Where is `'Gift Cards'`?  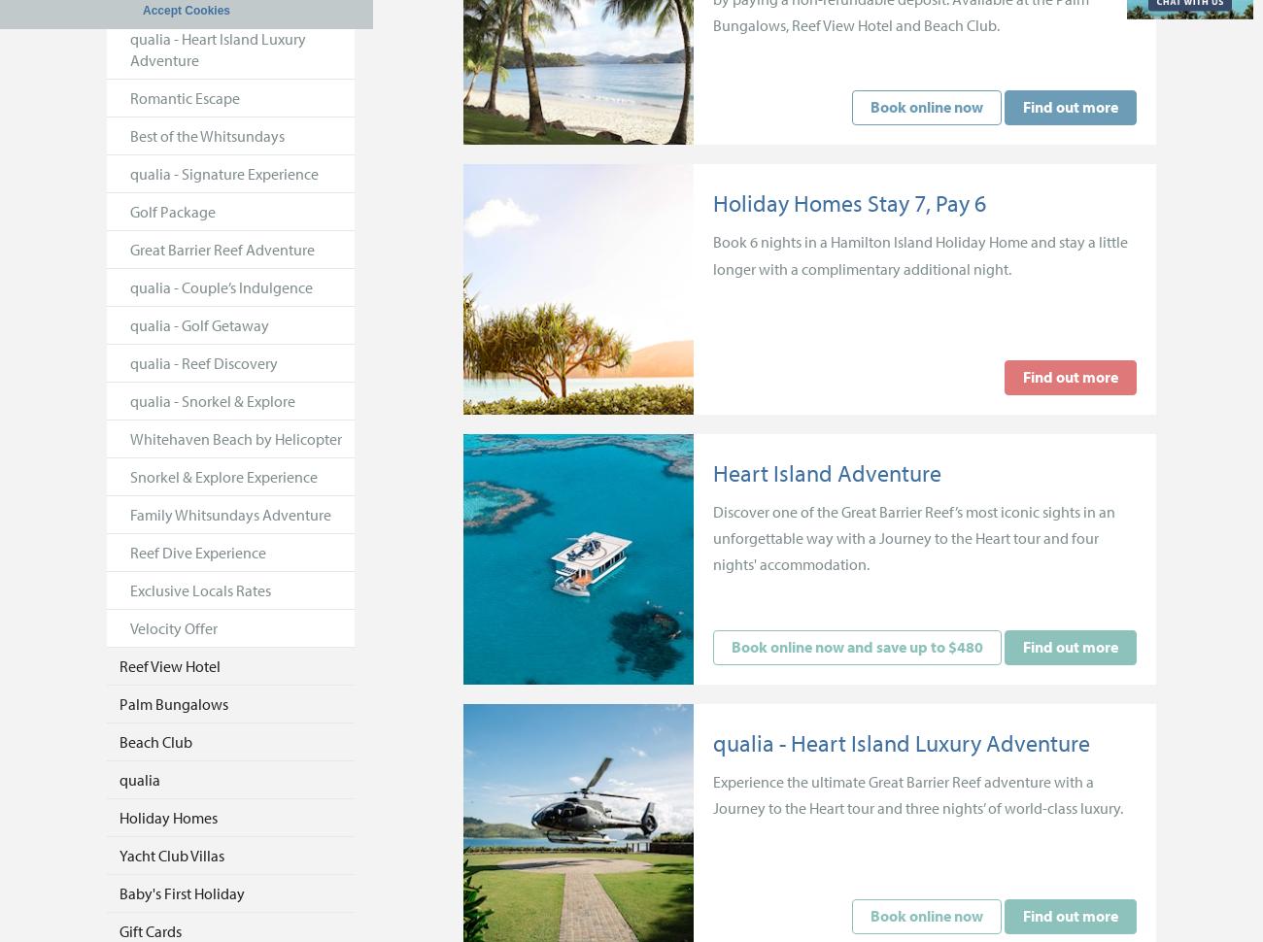
'Gift Cards' is located at coordinates (149, 928).